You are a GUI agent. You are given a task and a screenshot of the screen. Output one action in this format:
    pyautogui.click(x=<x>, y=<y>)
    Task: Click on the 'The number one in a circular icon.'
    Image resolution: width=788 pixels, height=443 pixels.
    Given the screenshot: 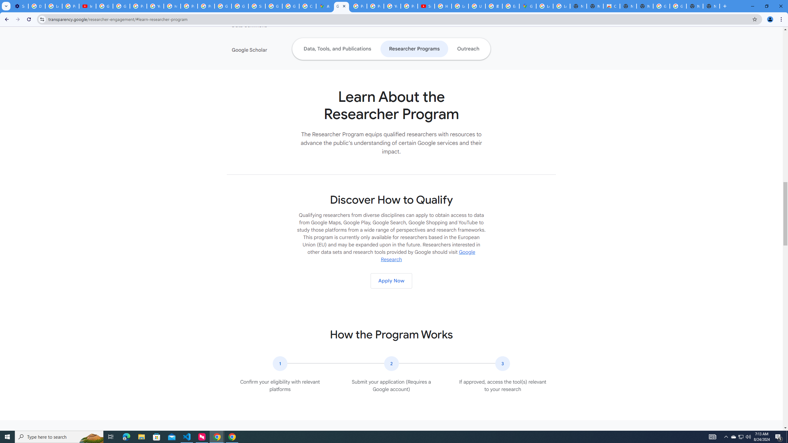 What is the action you would take?
    pyautogui.click(x=280, y=364)
    